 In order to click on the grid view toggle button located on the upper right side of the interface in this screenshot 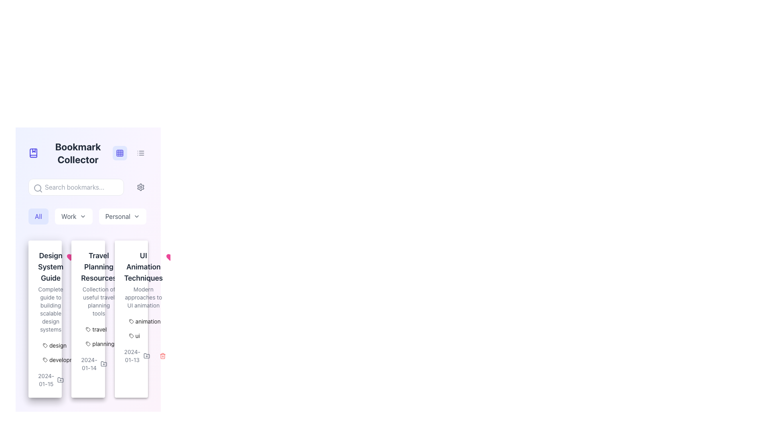, I will do `click(119, 153)`.